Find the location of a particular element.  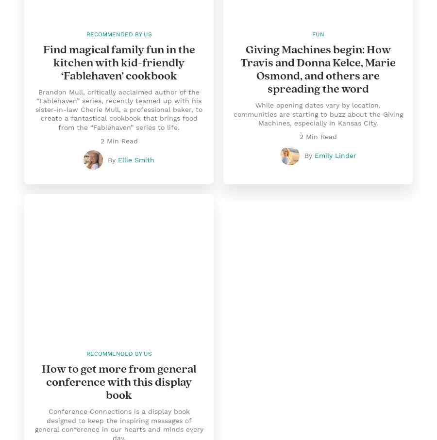

'Fun' is located at coordinates (311, 34).